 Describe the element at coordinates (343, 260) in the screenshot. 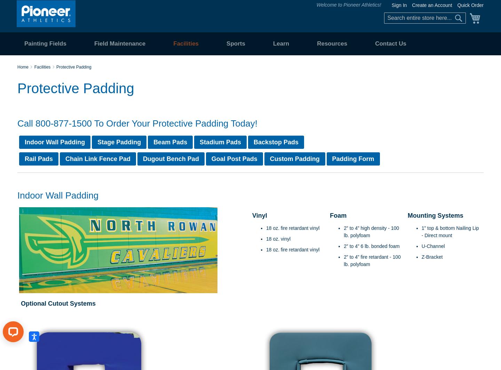

I see `'2” to 4” fire retardant - 100 lb. polyfoam'` at that location.